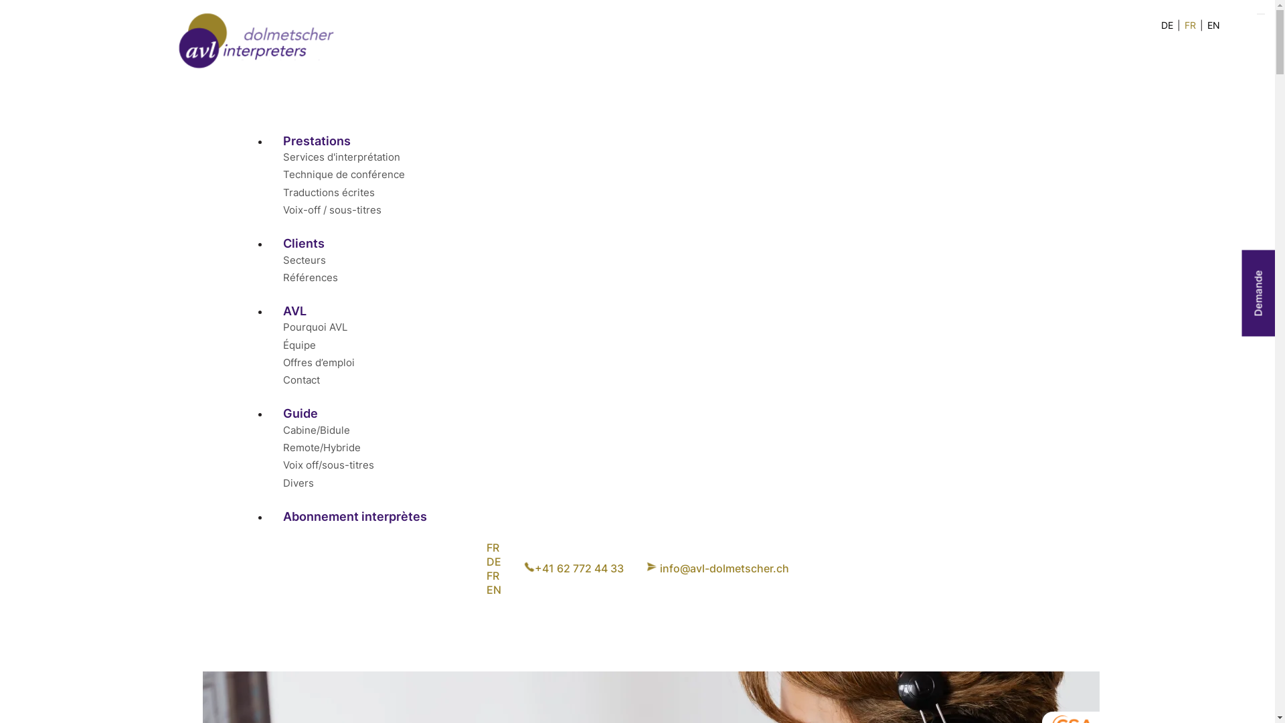 The image size is (1285, 723). What do you see at coordinates (282, 380) in the screenshot?
I see `'Contact'` at bounding box center [282, 380].